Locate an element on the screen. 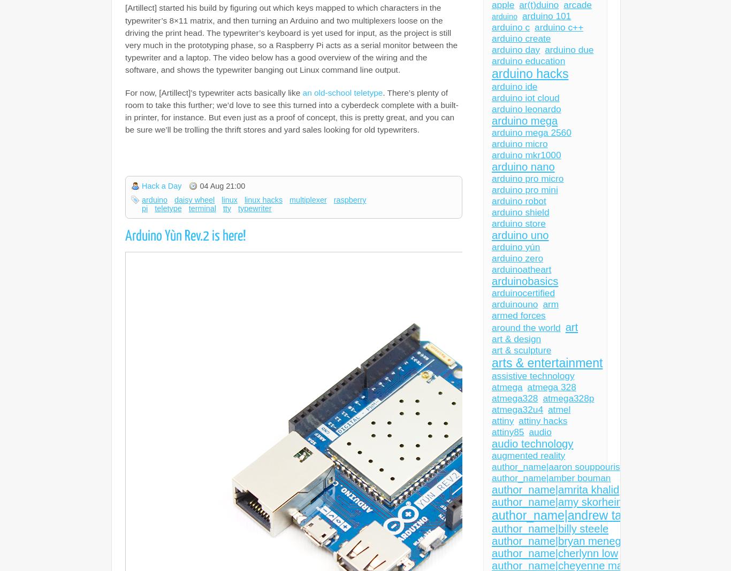  'daisy wheel' is located at coordinates (194, 199).